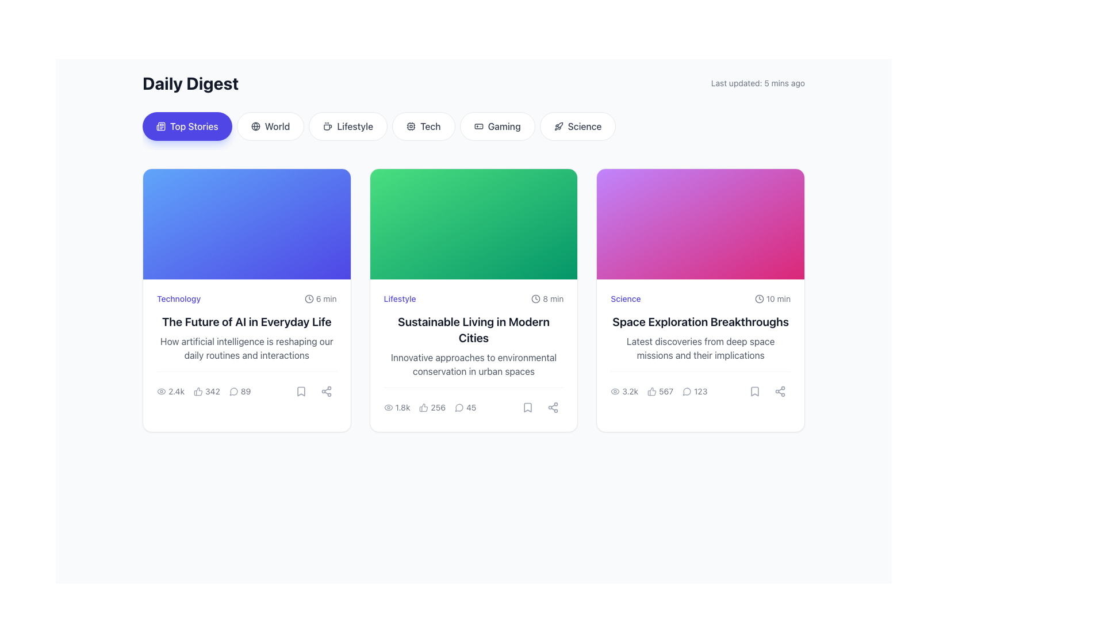 This screenshot has width=1104, height=621. What do you see at coordinates (687, 391) in the screenshot?
I see `the gray speech bubble icon located next to the light gray text '123' in the bottom section of the third card under the article titled 'Space Exploration Breakthroughs'` at bounding box center [687, 391].